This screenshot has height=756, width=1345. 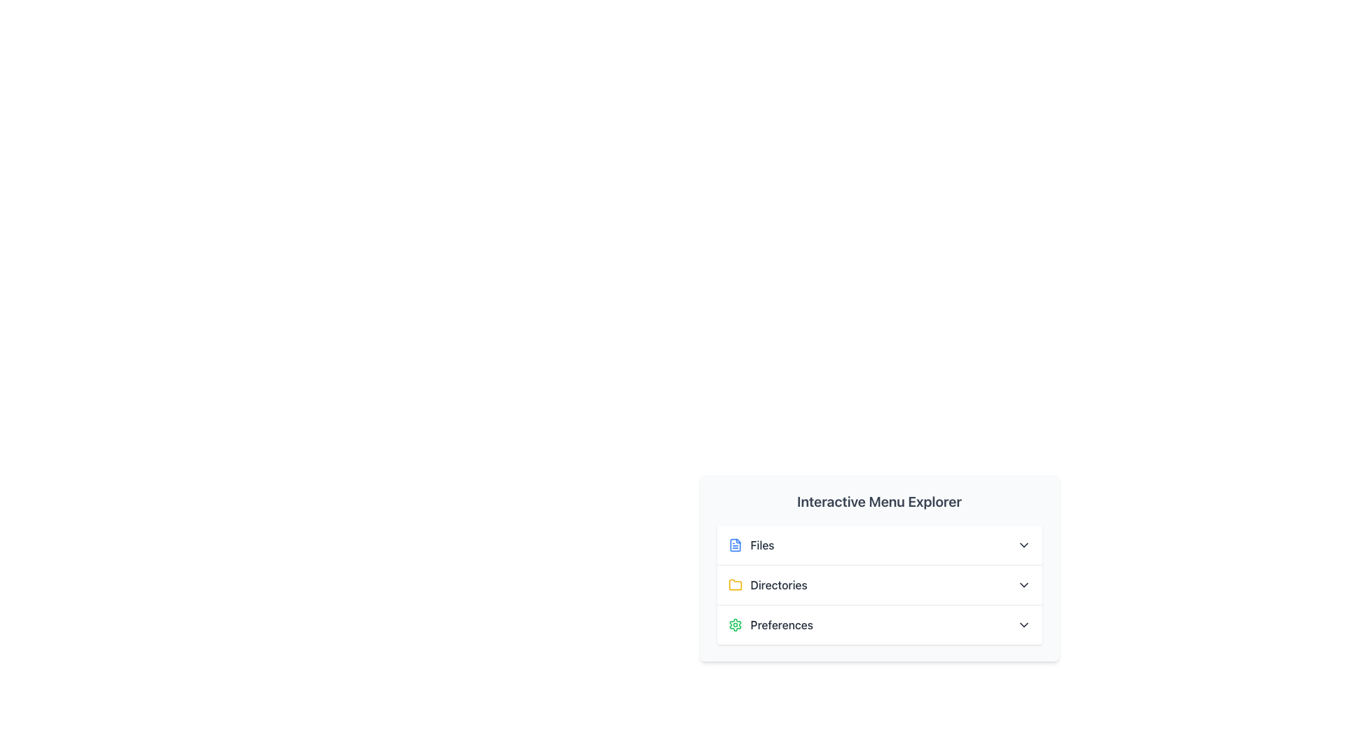 I want to click on the 'Settings' icon located in the 'Interactive Menu Explorer' section, positioned next to the 'Preferences' item label, so click(x=734, y=624).